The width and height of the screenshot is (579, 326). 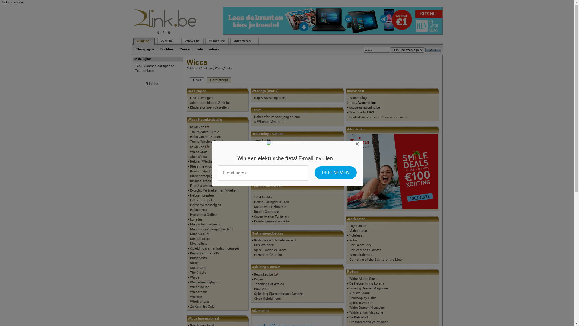 I want to click on 'Imbolc', so click(x=354, y=240).